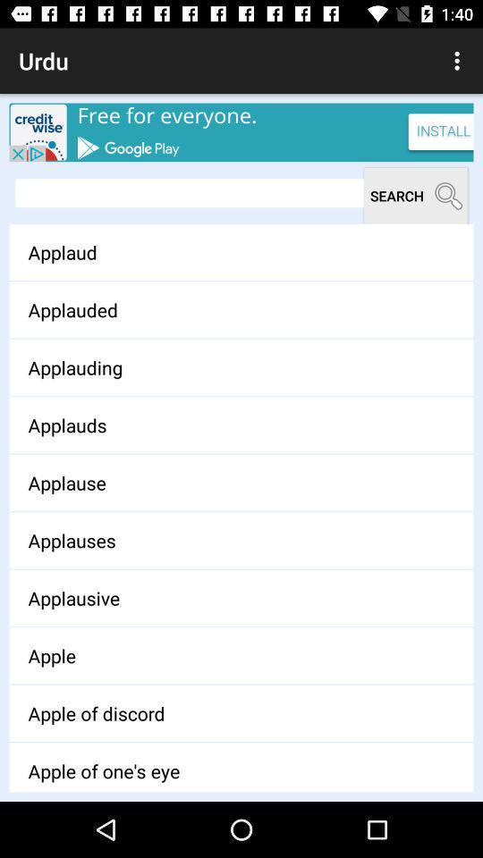  What do you see at coordinates (189, 193) in the screenshot?
I see `search word` at bounding box center [189, 193].